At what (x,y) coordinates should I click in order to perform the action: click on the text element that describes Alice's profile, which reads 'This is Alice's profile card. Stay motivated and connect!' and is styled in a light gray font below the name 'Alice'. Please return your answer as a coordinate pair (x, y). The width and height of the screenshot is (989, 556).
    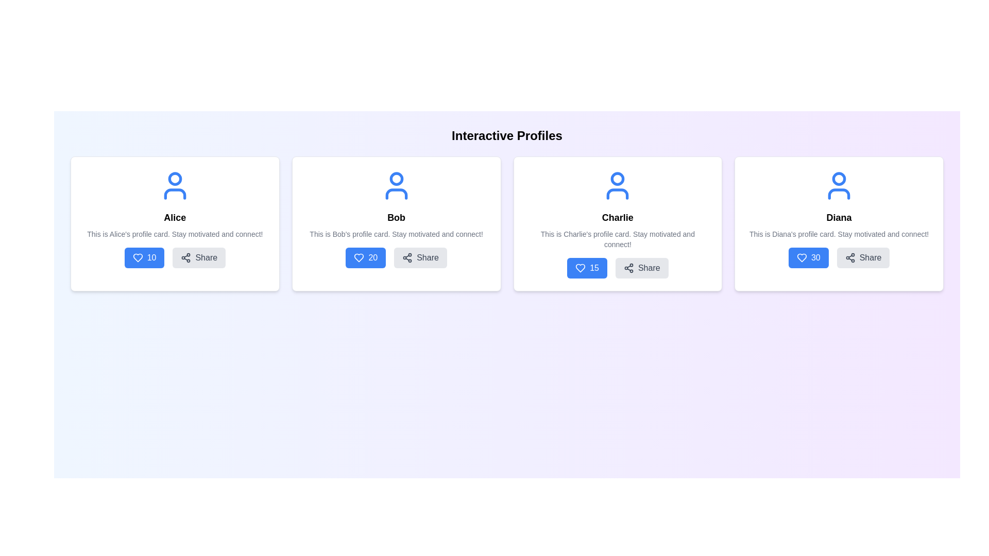
    Looking at the image, I should click on (175, 234).